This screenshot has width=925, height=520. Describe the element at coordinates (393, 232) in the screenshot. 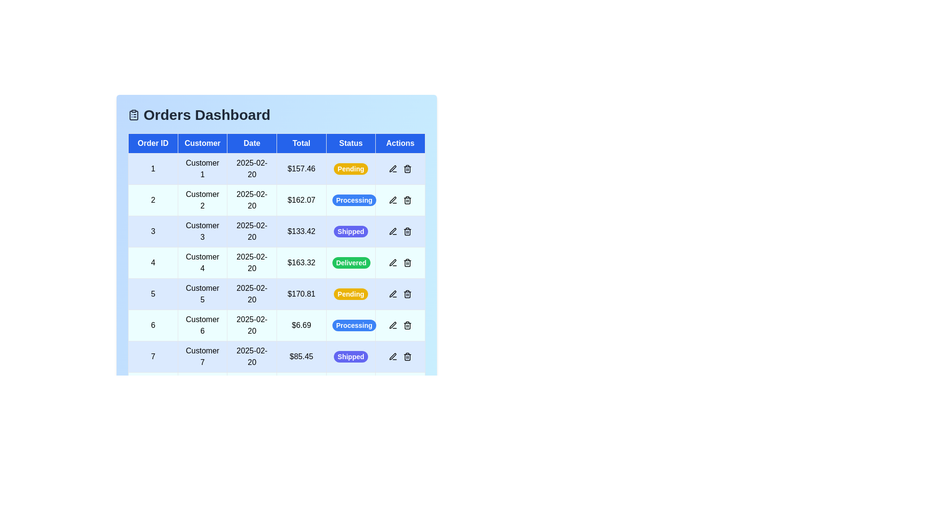

I see `the edit icon in the 'Actions' column for the order with ID 3` at that location.